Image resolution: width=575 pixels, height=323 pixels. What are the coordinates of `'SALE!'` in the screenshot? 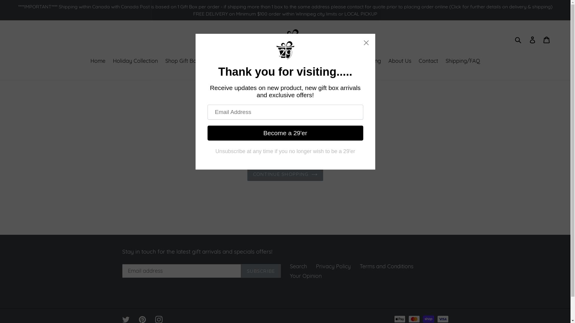 It's located at (323, 61).